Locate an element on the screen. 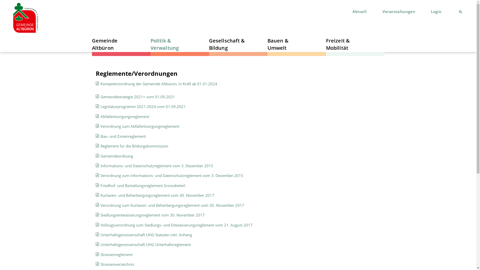 This screenshot has height=270, width=480. 'Informations- und Datenschutzreglement vom 3. Dezember 2015' is located at coordinates (156, 166).